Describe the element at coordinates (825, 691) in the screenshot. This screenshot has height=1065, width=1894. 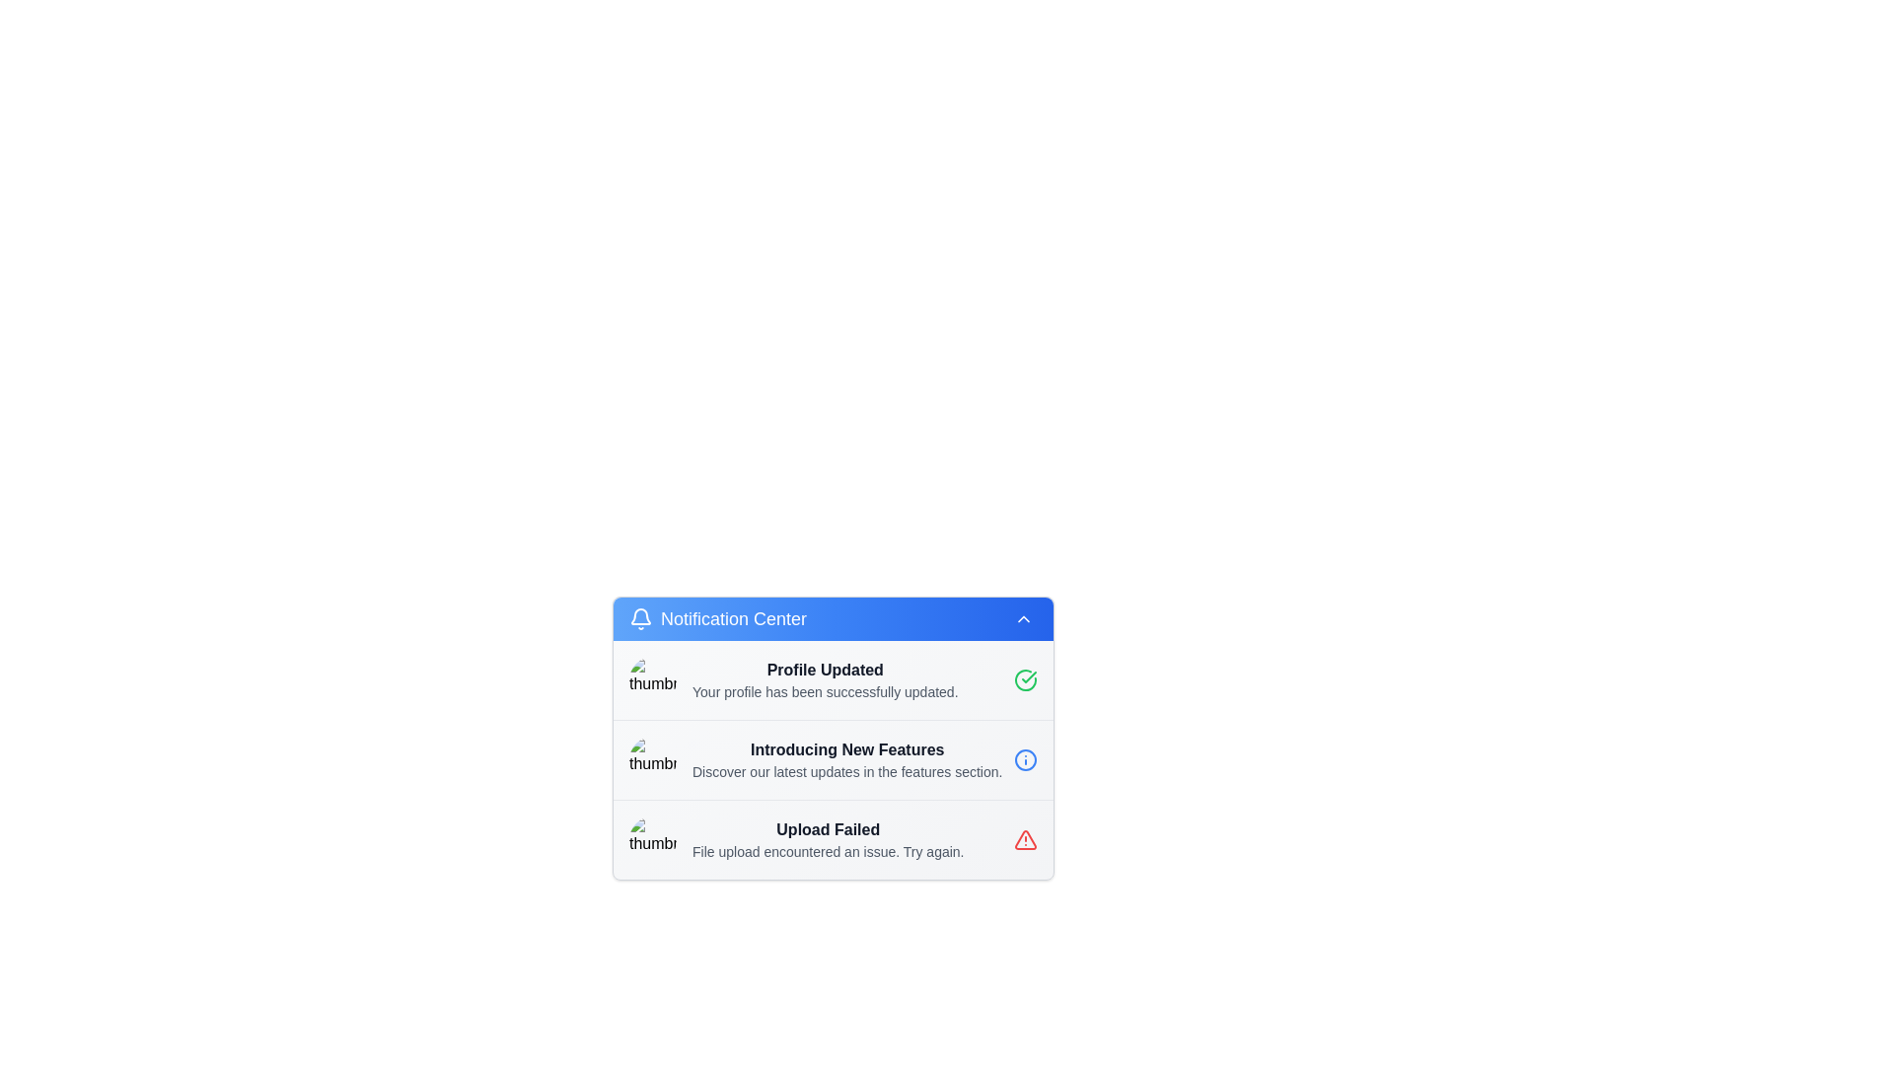
I see `confirmation message text from the 'Profile Updated' notification card located in the Notification Center interface at the specified coordinates` at that location.